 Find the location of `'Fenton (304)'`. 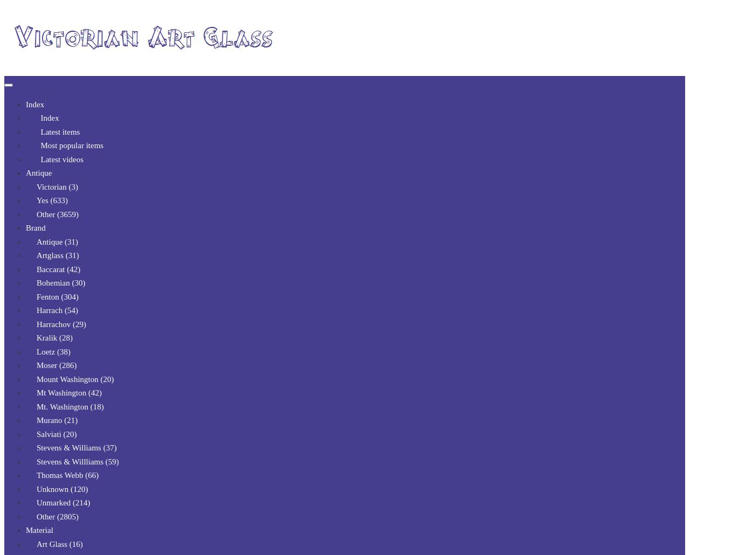

'Fenton (304)' is located at coordinates (57, 296).